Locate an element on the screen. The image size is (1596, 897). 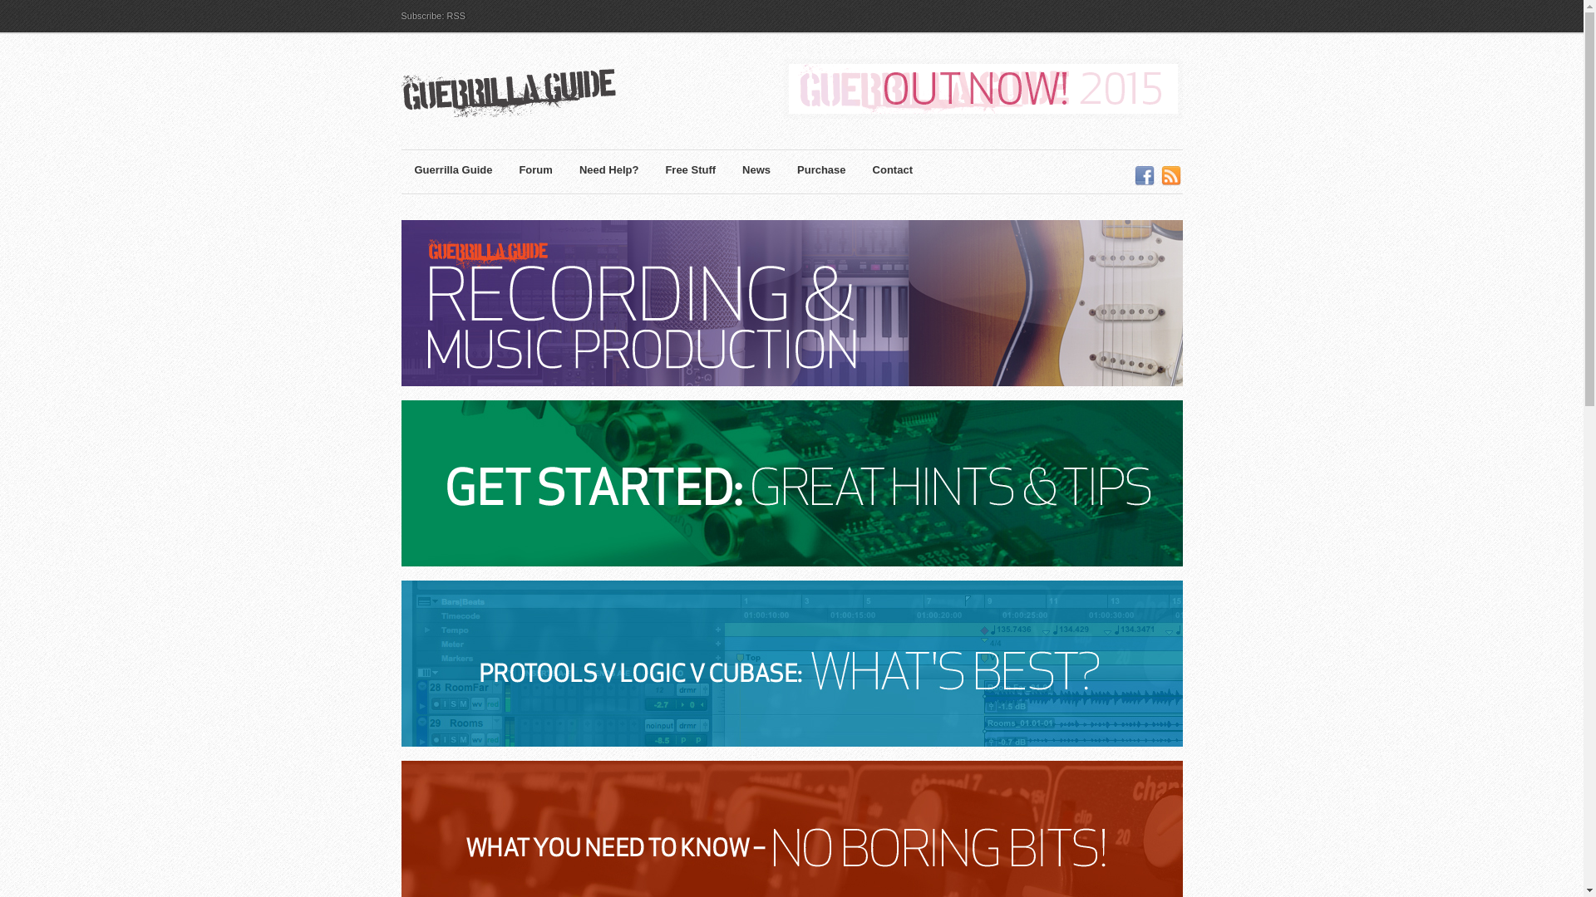
'Purchase' is located at coordinates (821, 172).